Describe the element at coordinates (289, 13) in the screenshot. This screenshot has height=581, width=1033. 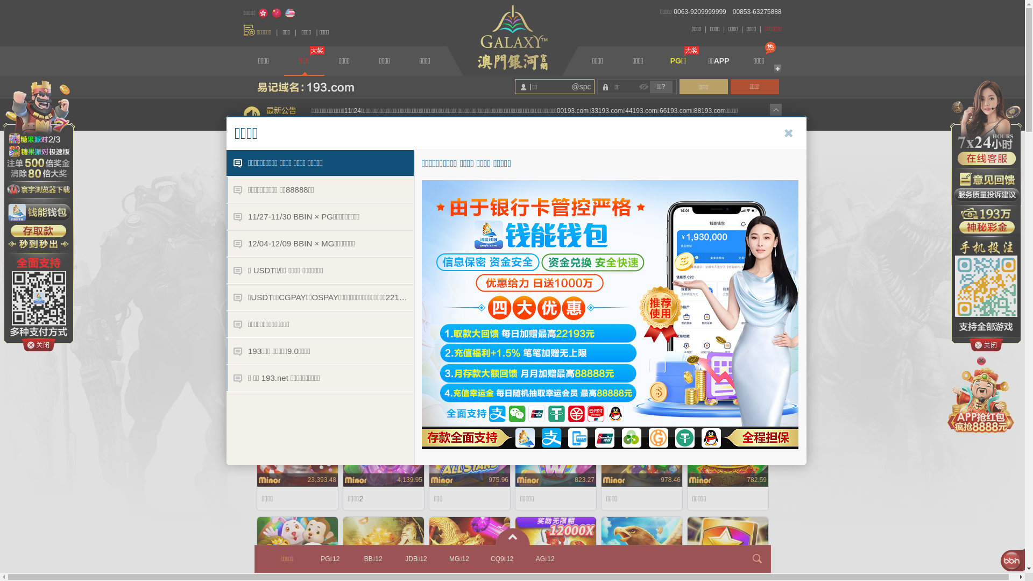
I see `'English'` at that location.